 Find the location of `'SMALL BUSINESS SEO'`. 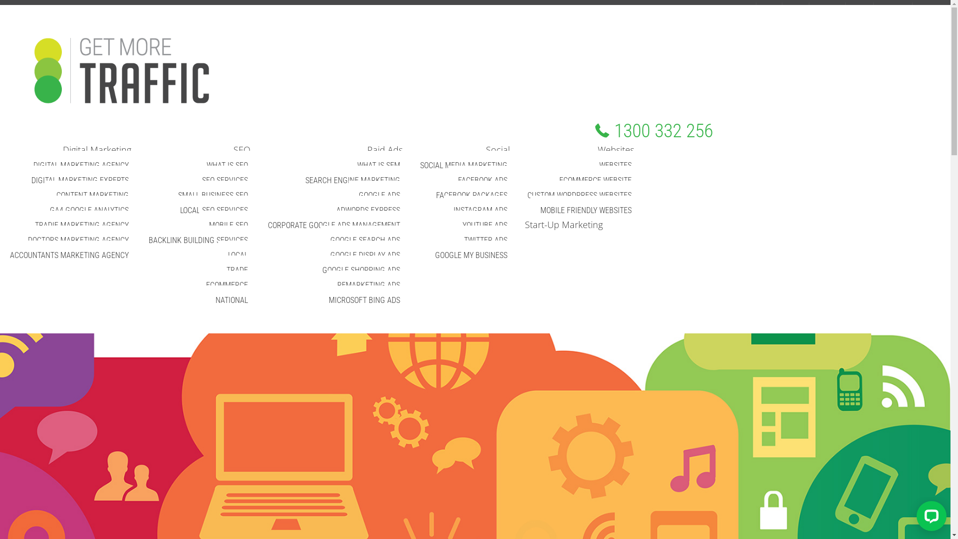

'SMALL BUSINESS SEO' is located at coordinates (213, 195).